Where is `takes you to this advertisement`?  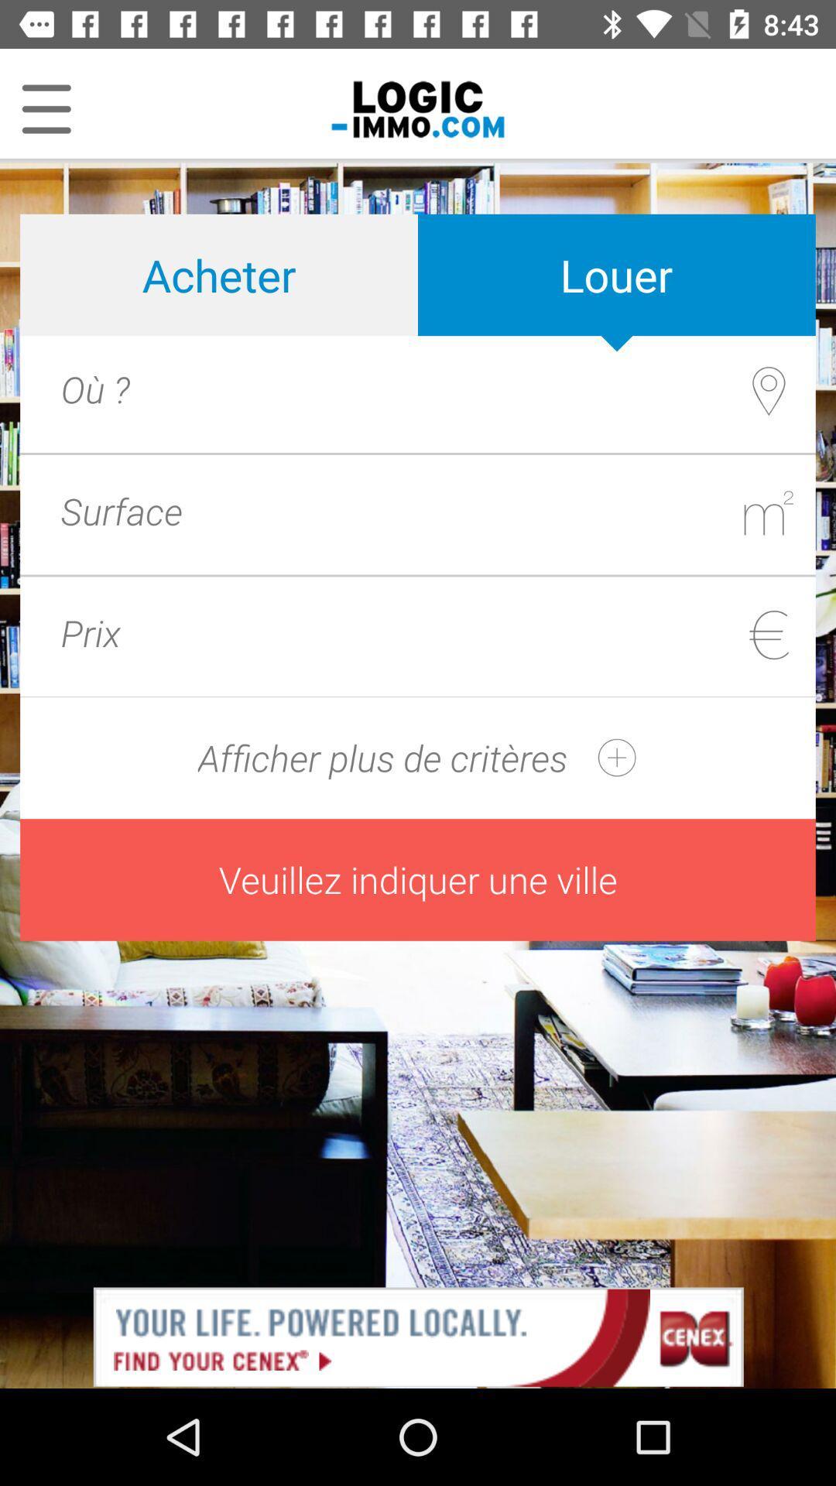
takes you to this advertisement is located at coordinates (418, 1335).